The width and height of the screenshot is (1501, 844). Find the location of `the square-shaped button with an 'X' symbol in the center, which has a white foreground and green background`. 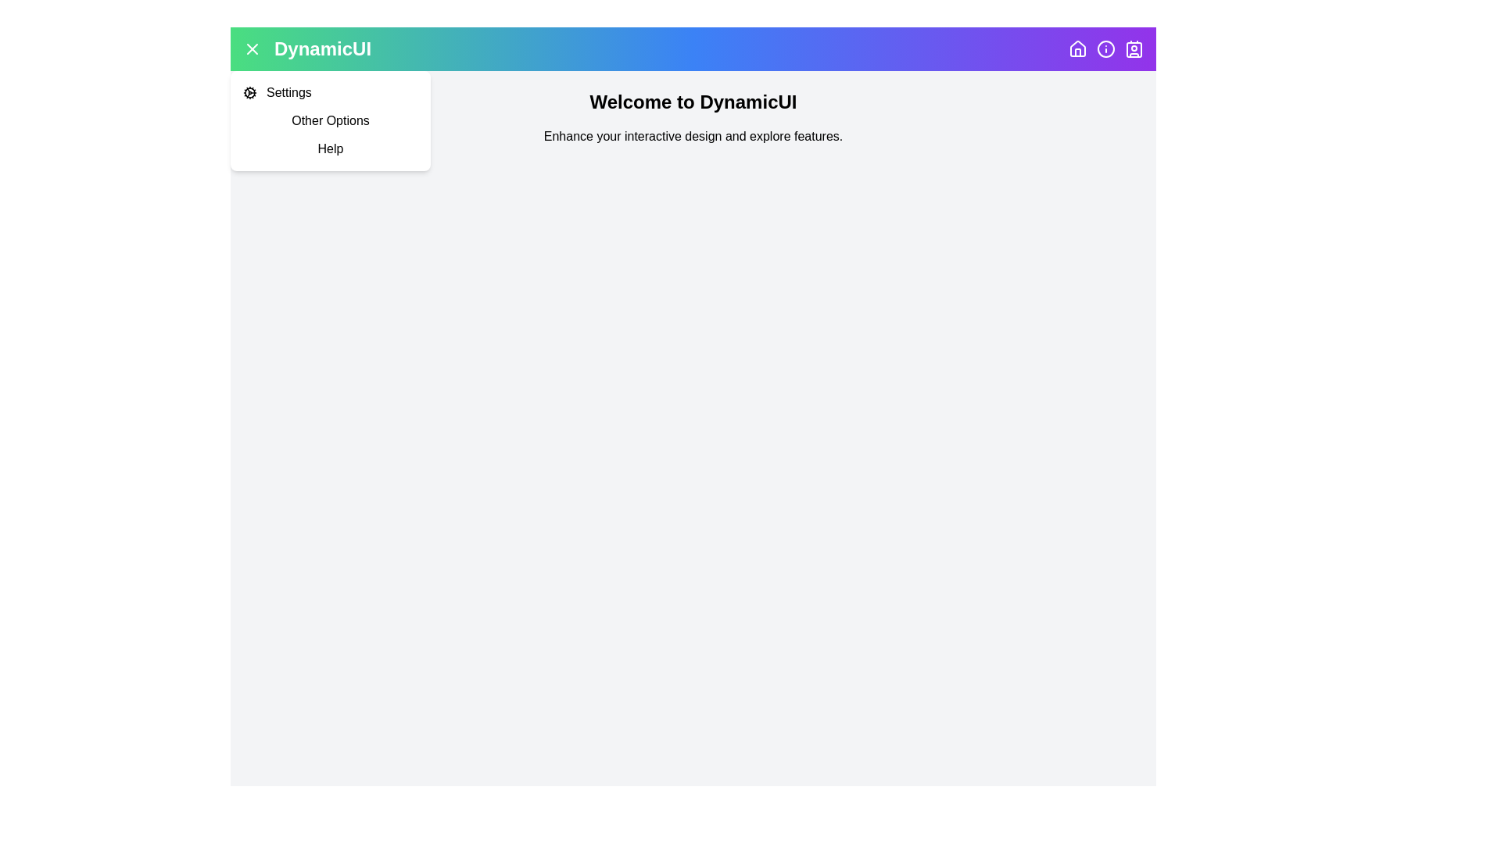

the square-shaped button with an 'X' symbol in the center, which has a white foreground and green background is located at coordinates (252, 48).